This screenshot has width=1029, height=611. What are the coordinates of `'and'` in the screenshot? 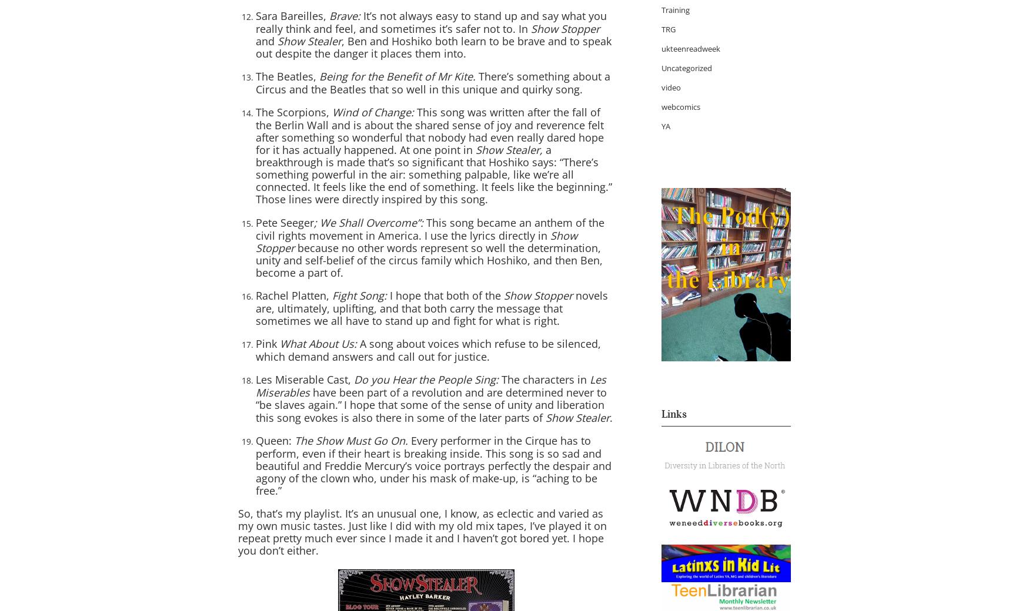 It's located at (266, 40).